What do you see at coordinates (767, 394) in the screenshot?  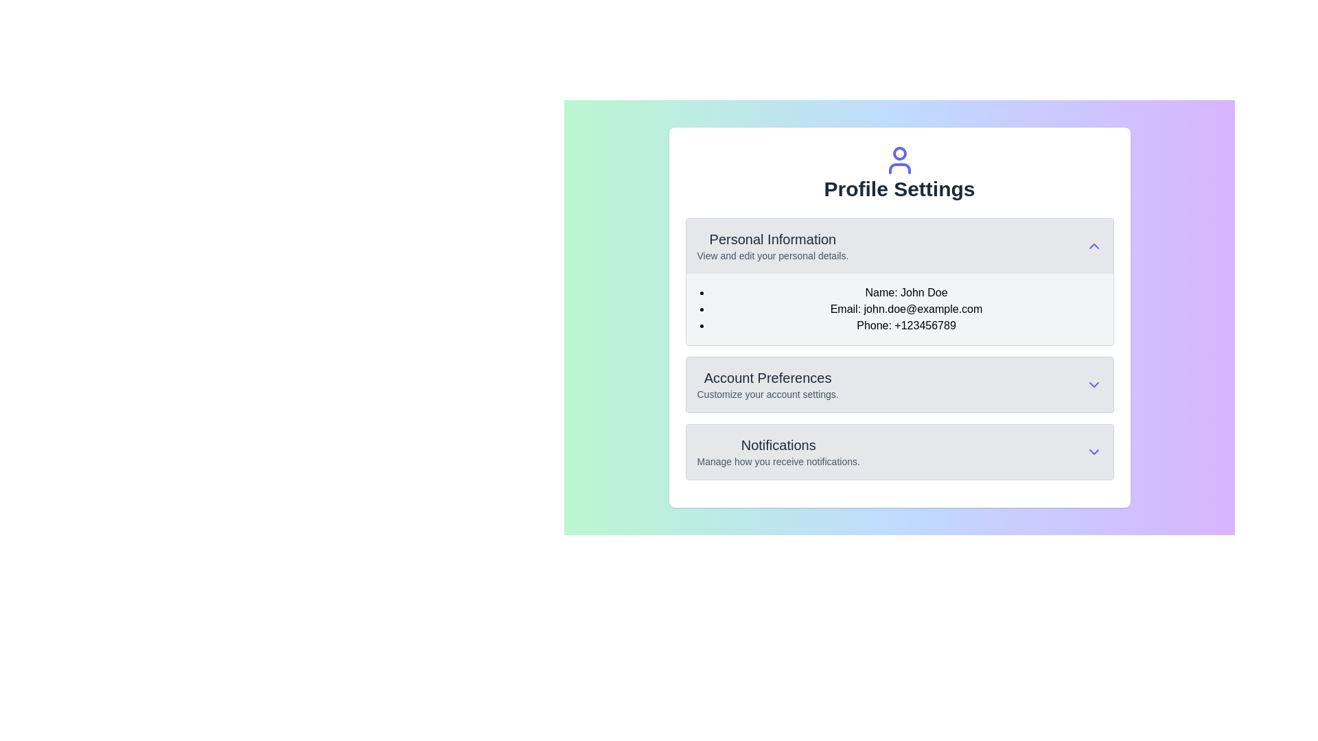 I see `the text snippet saying 'Customize your account settings.' which is styled with a smaller font and gray color, located below the 'Account Preferences' title within the card layout in the 'Profile Settings' section` at bounding box center [767, 394].